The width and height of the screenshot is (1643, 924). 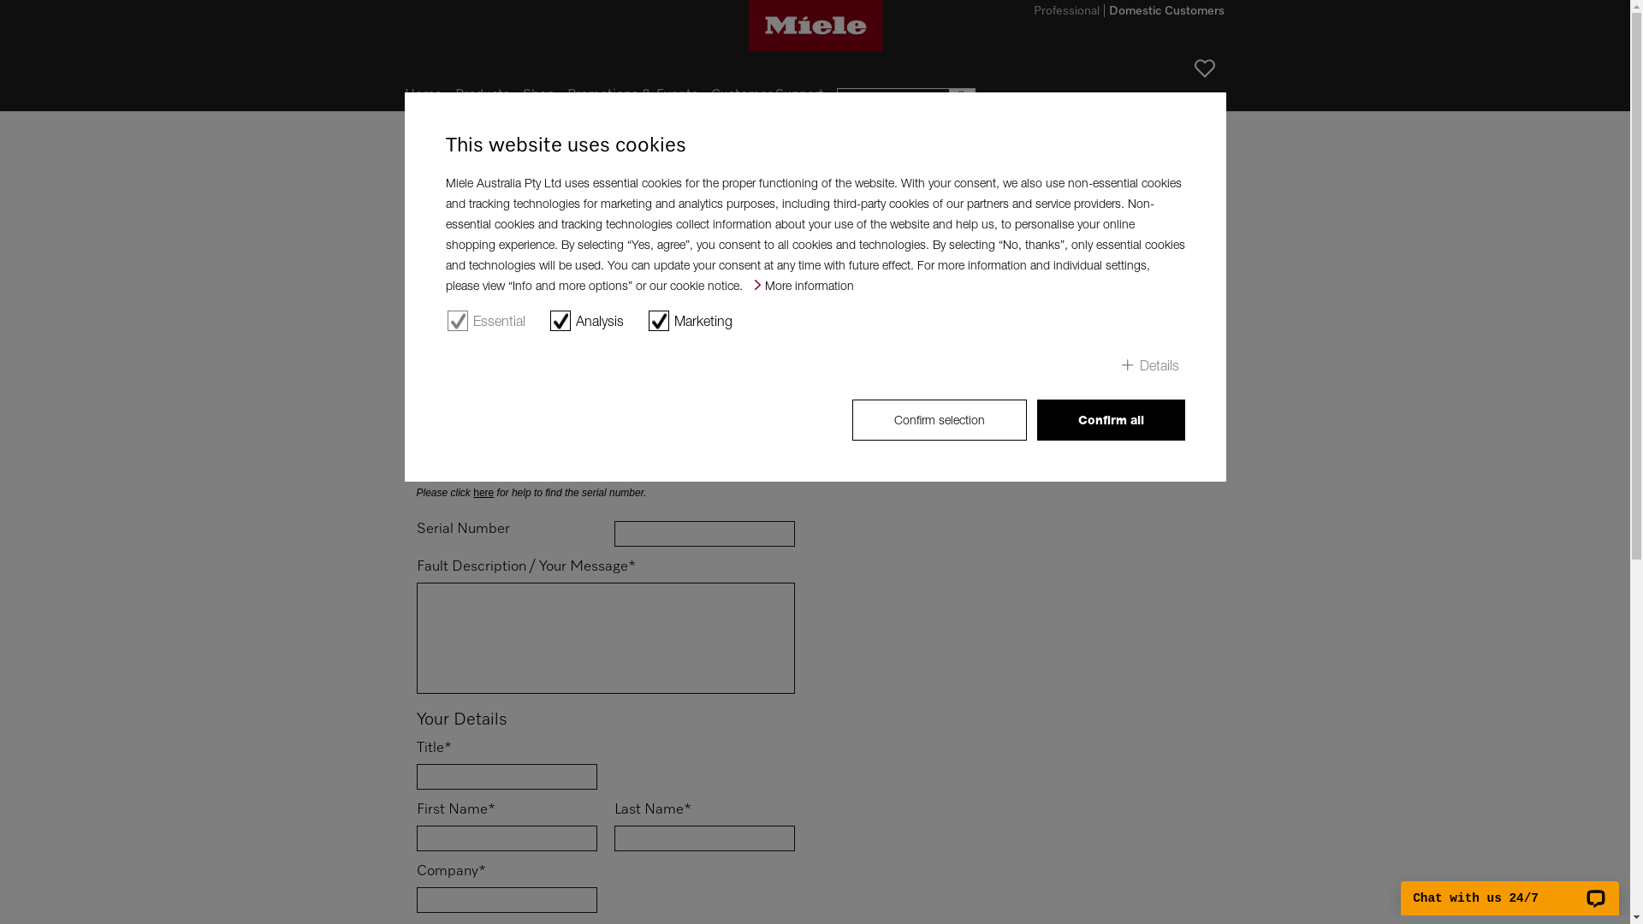 I want to click on 'Professional', so click(x=1065, y=13).